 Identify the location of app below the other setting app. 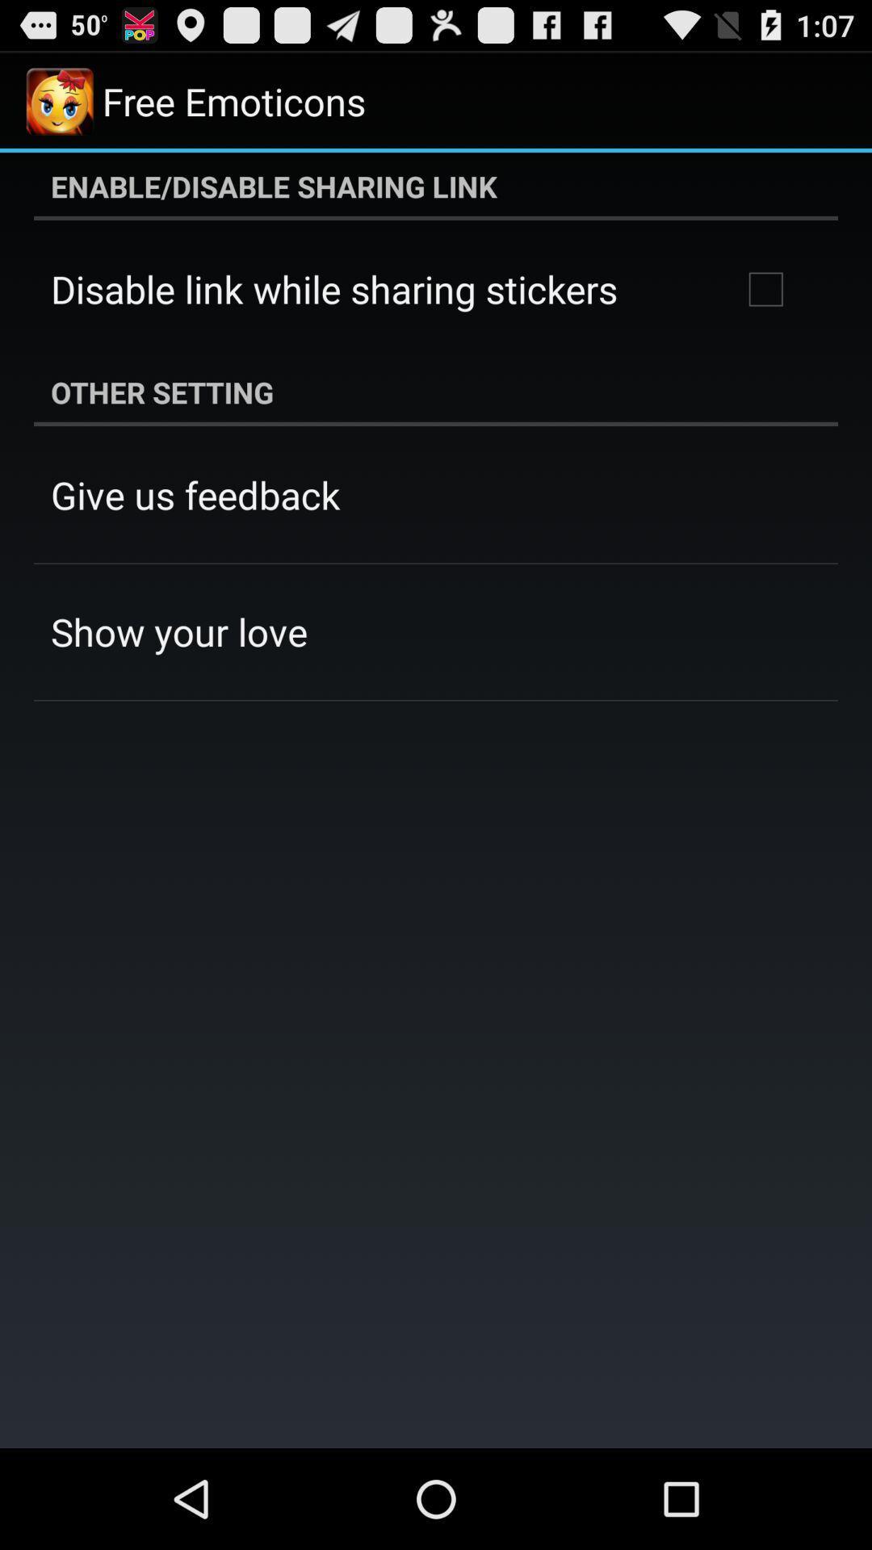
(195, 494).